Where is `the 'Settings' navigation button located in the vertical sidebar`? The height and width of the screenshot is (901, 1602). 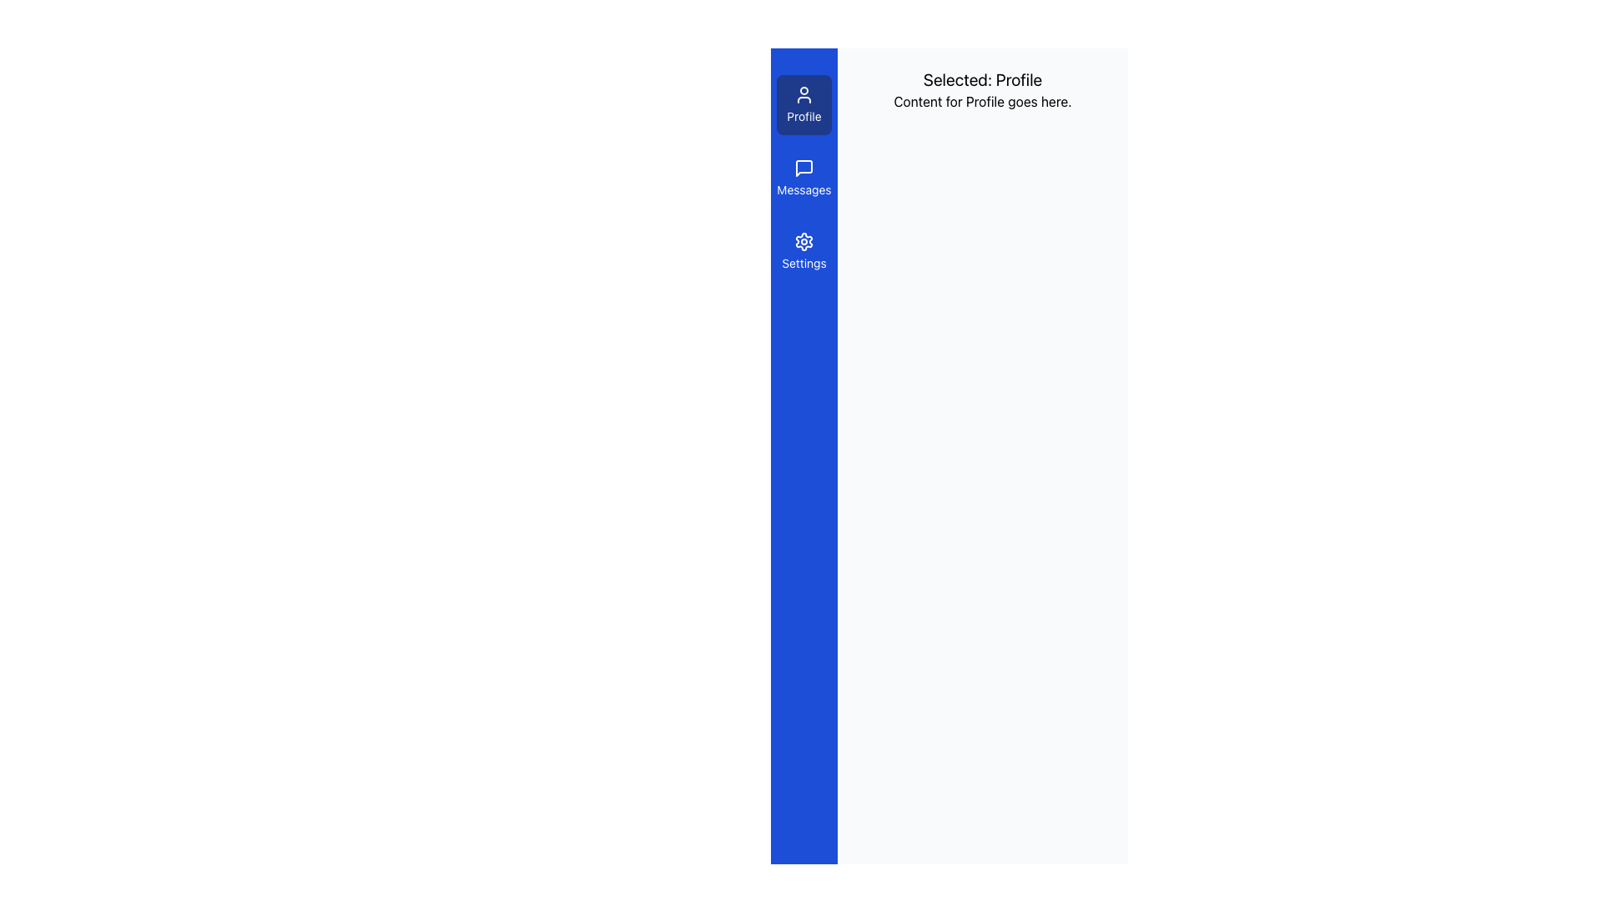 the 'Settings' navigation button located in the vertical sidebar is located at coordinates (804, 251).